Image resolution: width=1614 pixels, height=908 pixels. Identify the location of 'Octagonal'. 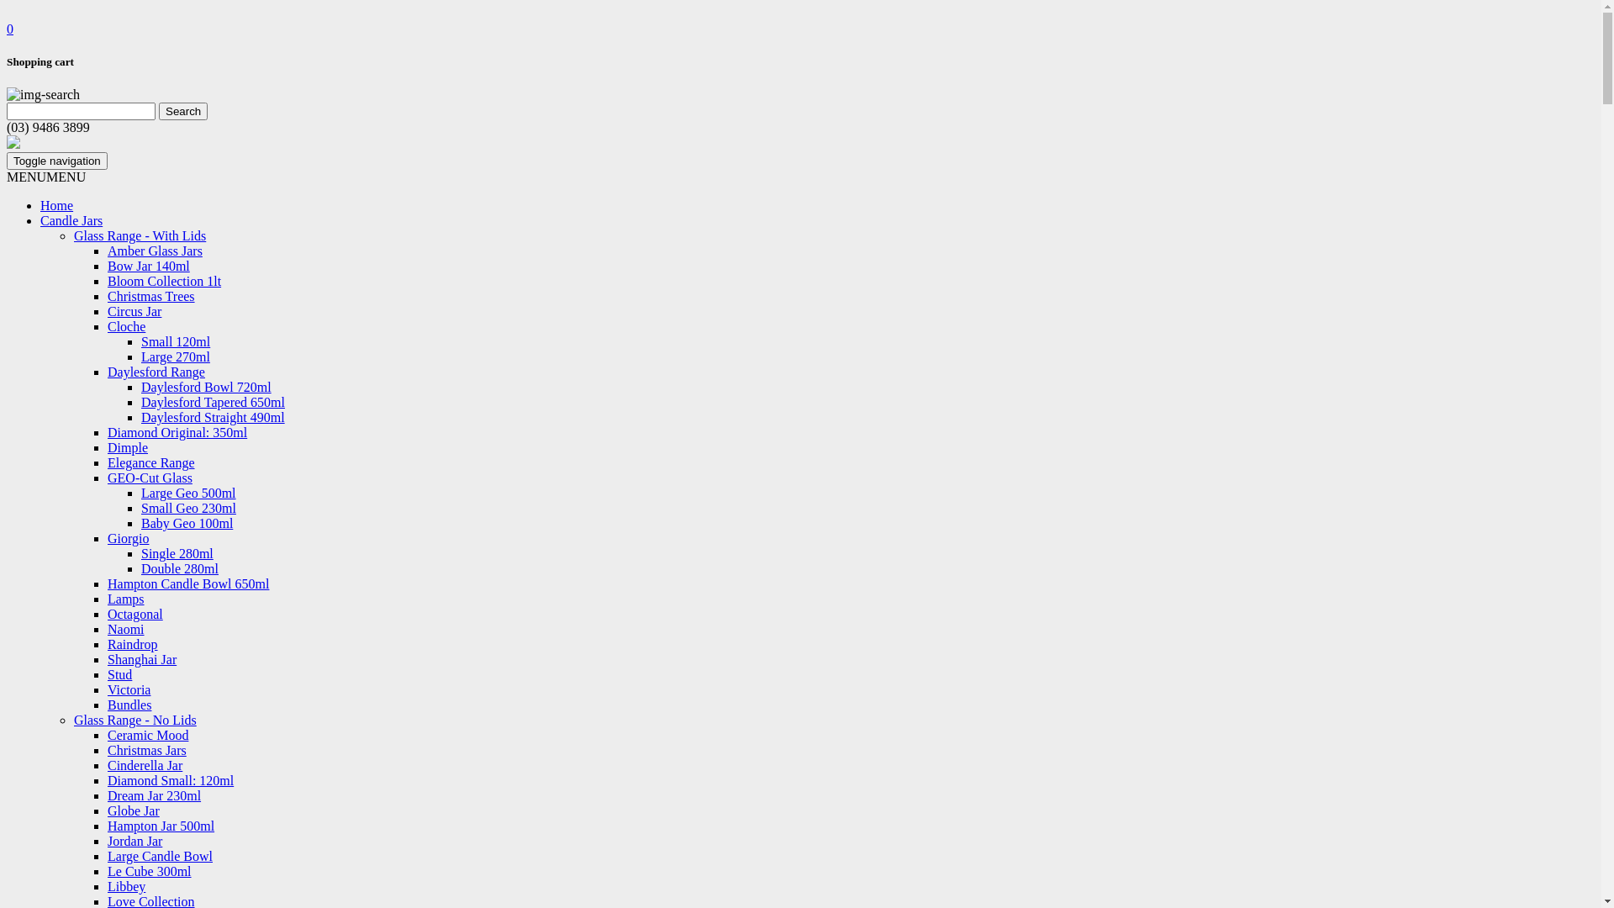
(135, 614).